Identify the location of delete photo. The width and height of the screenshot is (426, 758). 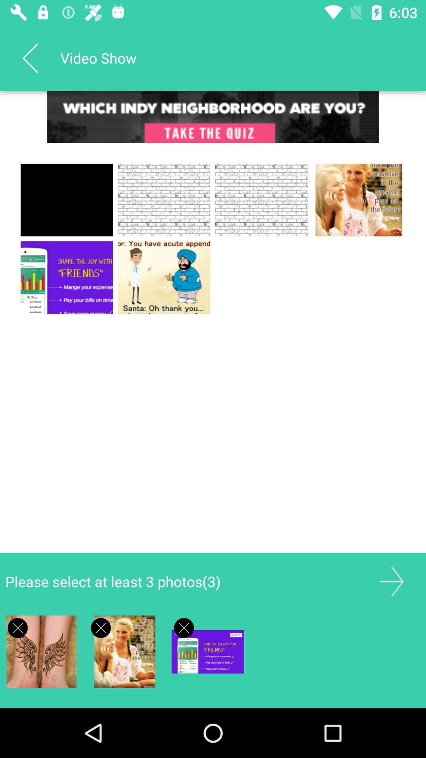
(184, 627).